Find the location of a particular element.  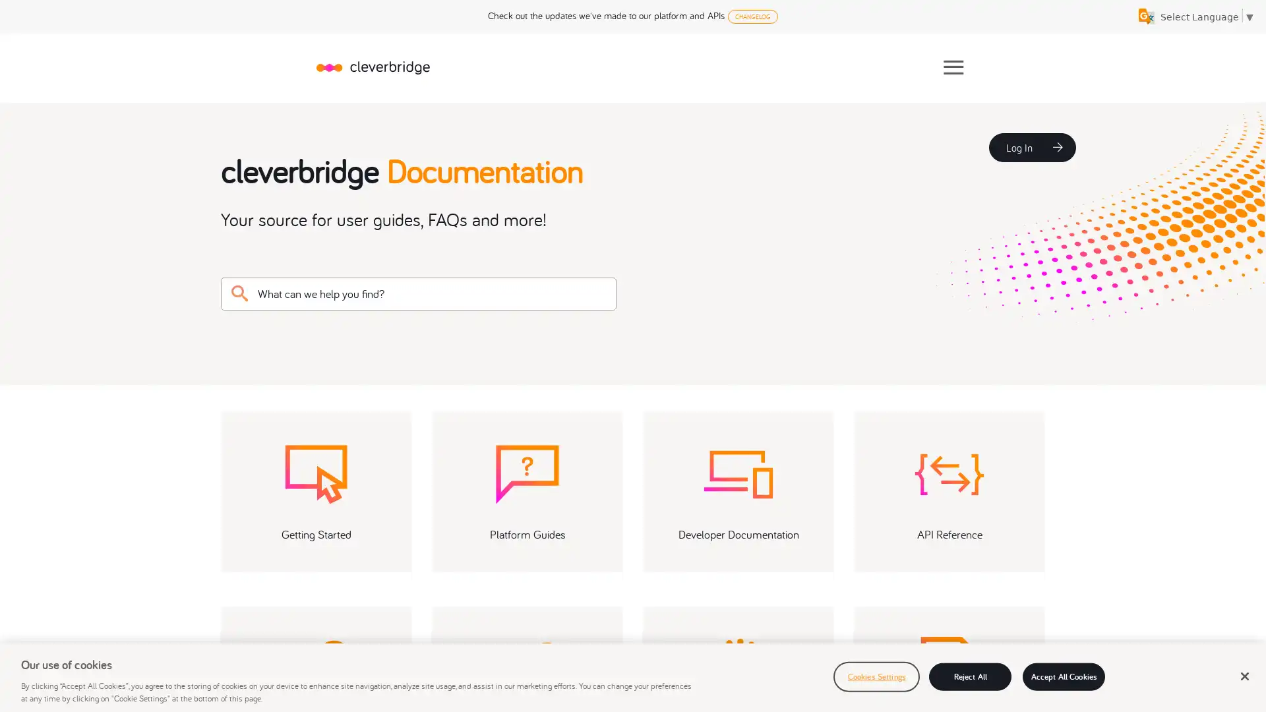

Accept All Cookies is located at coordinates (1064, 676).